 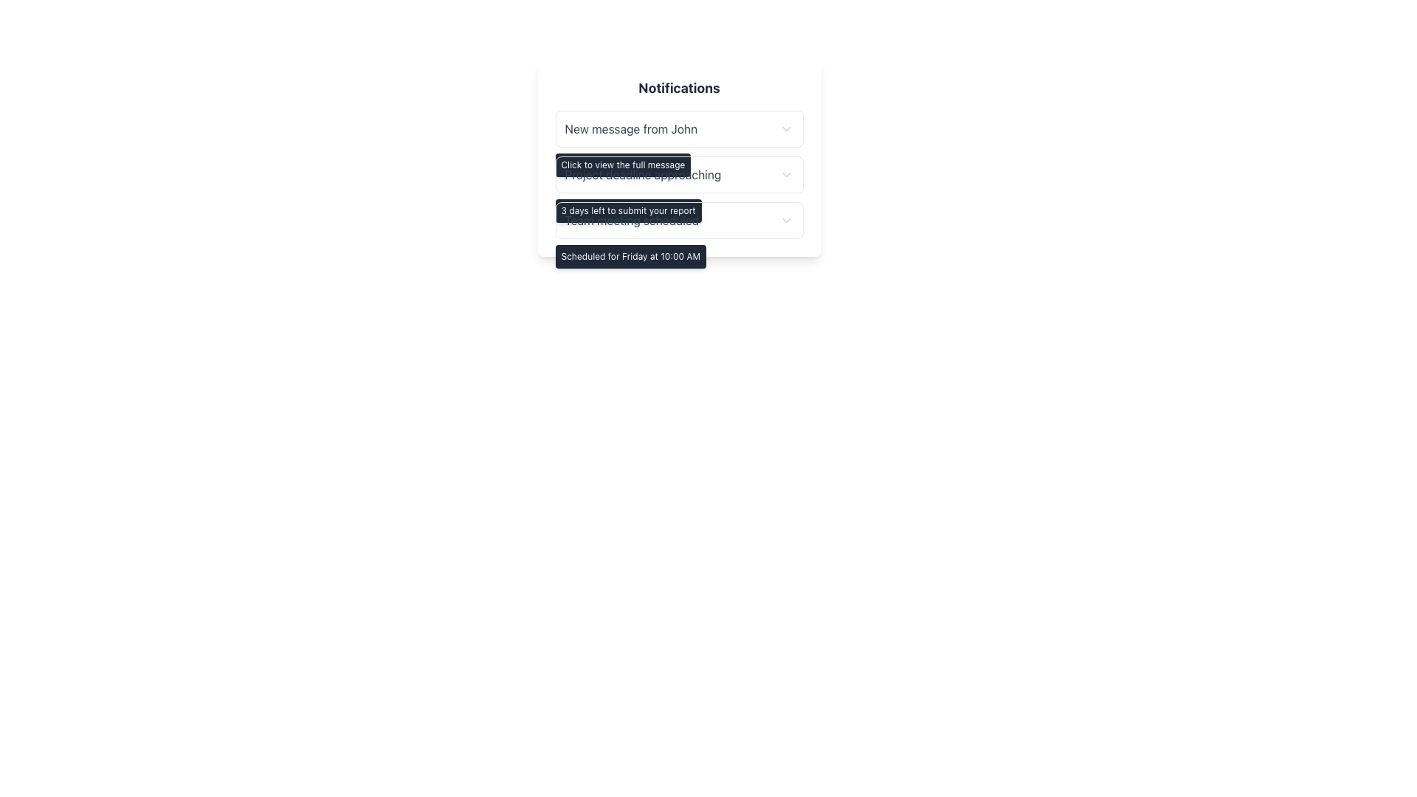 What do you see at coordinates (628, 210) in the screenshot?
I see `the tooltip that provides additional information about the deadline for submitting a report, positioned directly below the 'Project deadline approaching' item in the dropdown menu` at bounding box center [628, 210].